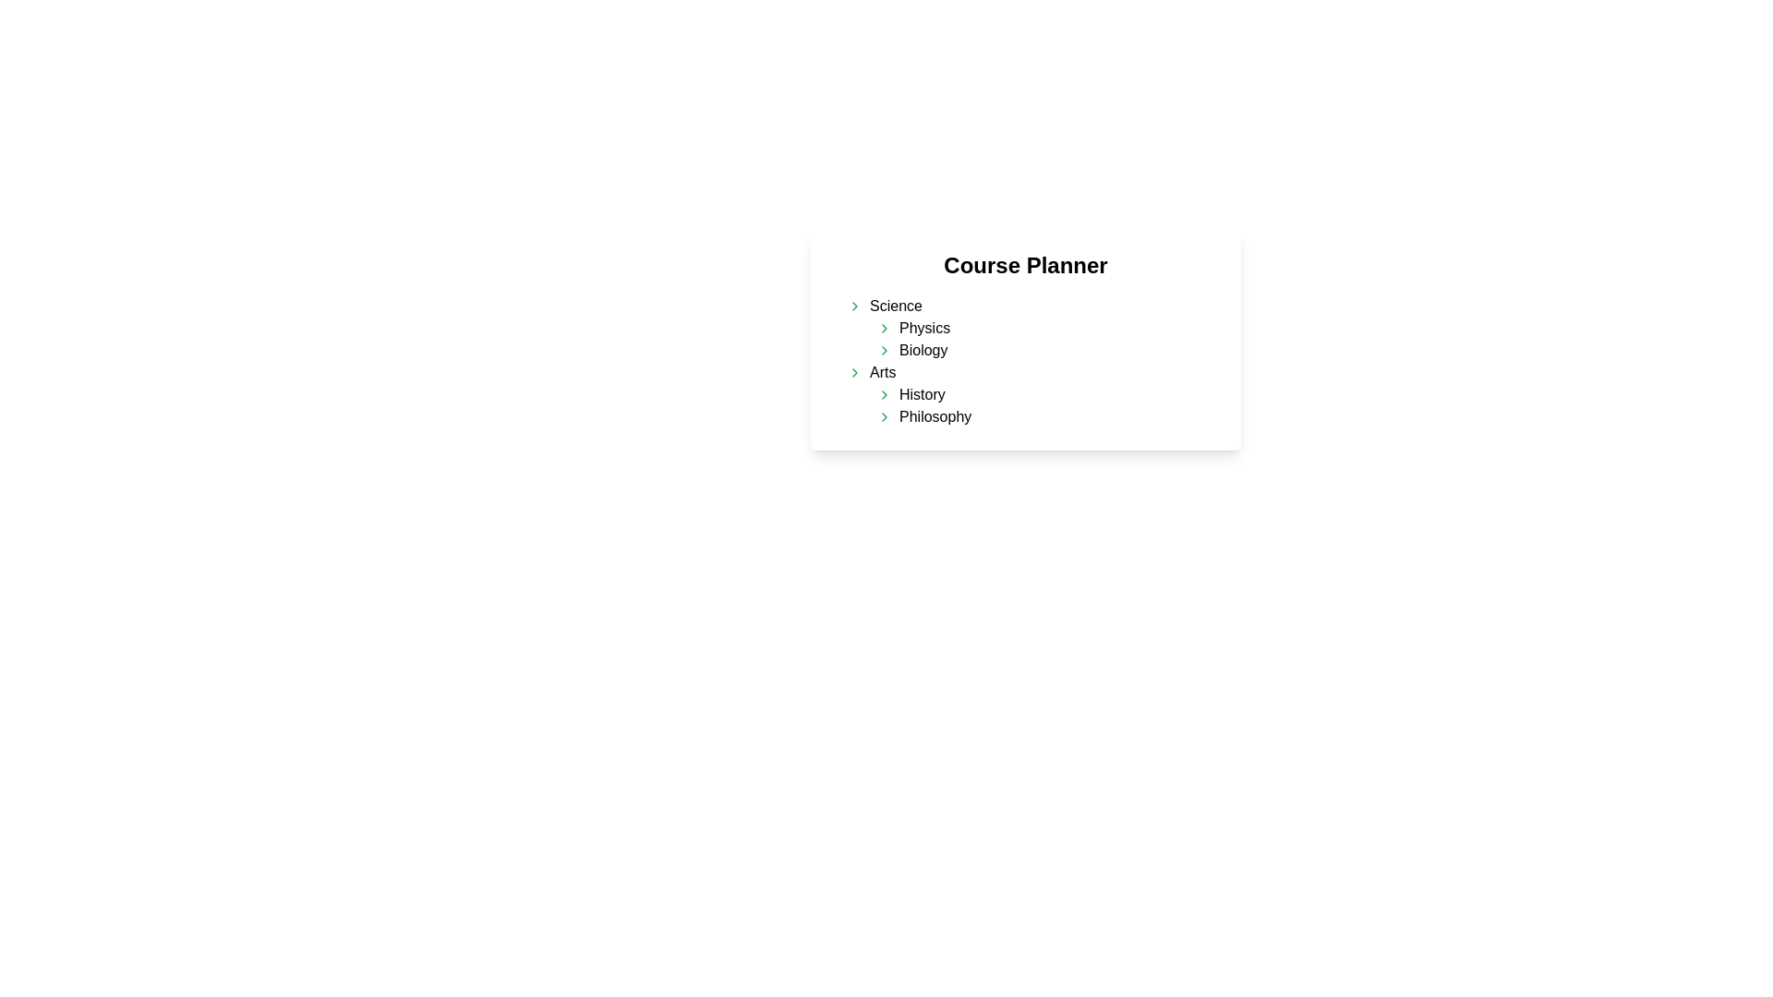 This screenshot has height=997, width=1773. What do you see at coordinates (884, 327) in the screenshot?
I see `the chevron icon next to the 'Physics' text` at bounding box center [884, 327].